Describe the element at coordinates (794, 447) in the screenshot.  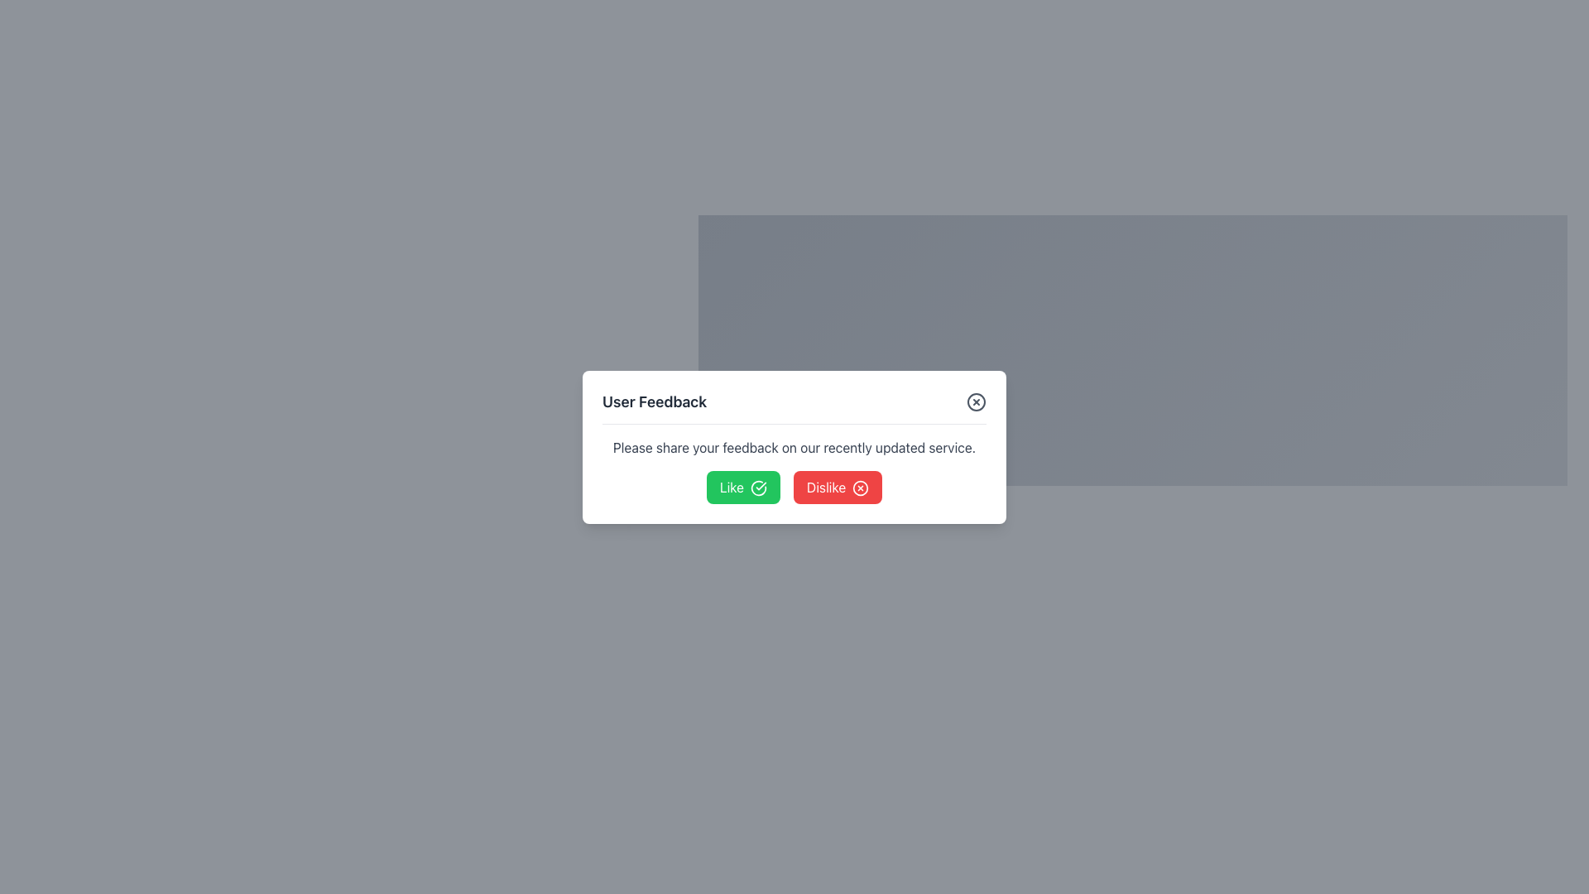
I see `the Text Display stating 'Please share your feedback on our recently updated service.' which is located in the center of the popup card between the title 'User Feedback' and the buttons 'Like' and 'Dislike'` at that location.